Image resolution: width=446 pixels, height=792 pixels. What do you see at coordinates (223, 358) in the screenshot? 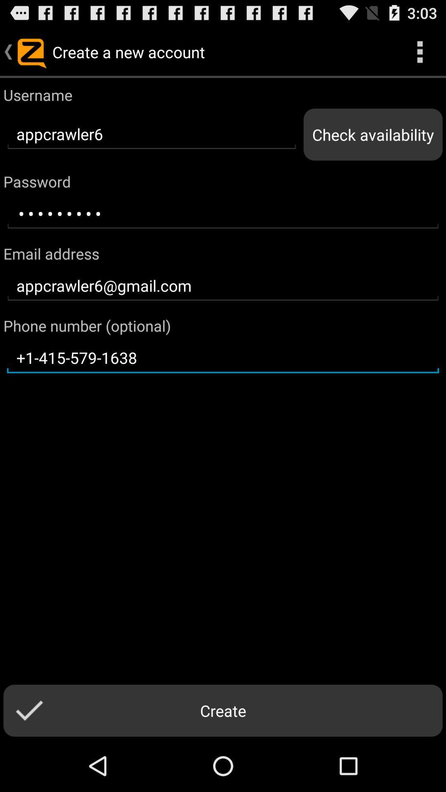
I see `the text field below phone number` at bounding box center [223, 358].